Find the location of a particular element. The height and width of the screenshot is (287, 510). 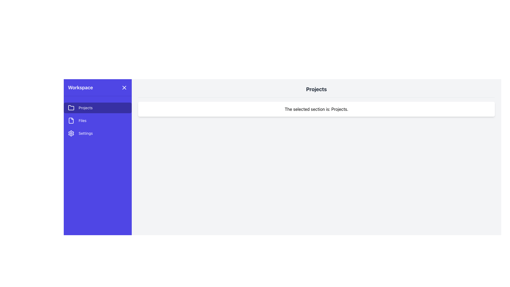

the gear icon representing settings, located in the vertical navigation menu to the left of the text 'Settings' is located at coordinates (71, 133).